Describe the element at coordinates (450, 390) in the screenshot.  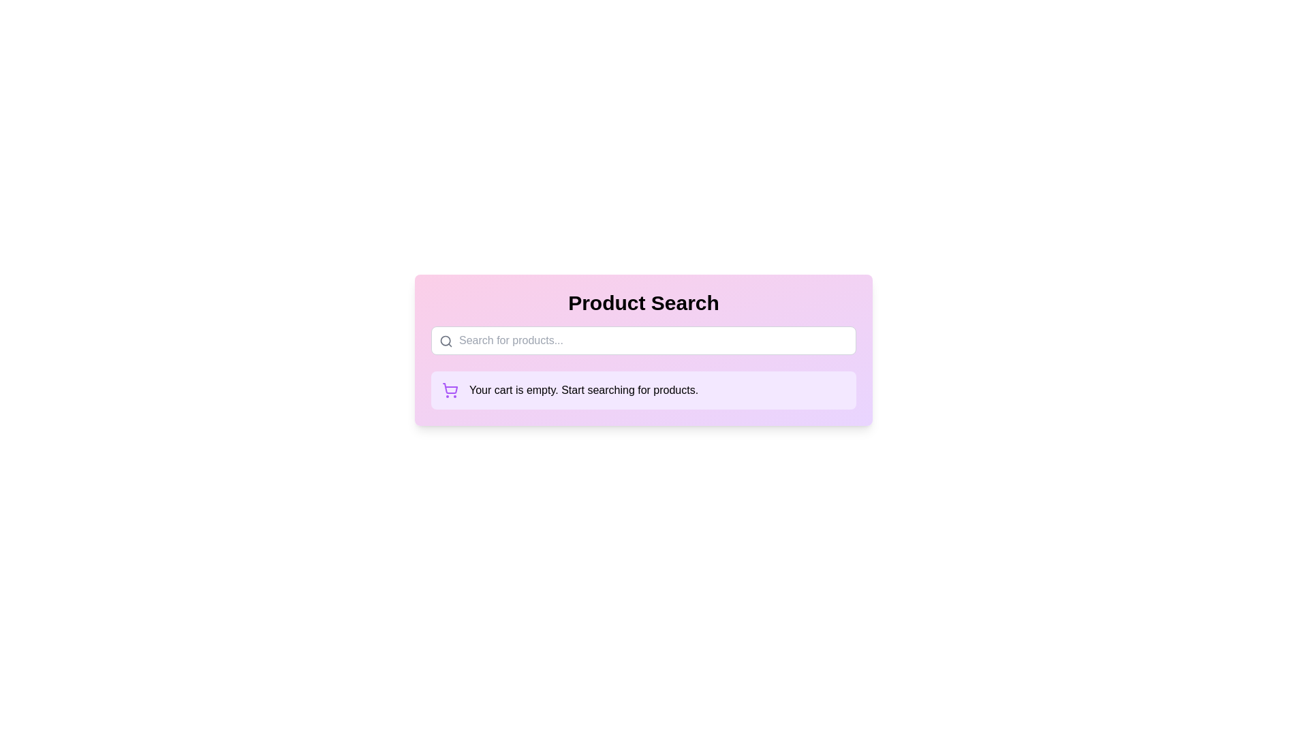
I see `the purple shopping cart icon located to the left of the text 'Your cart is empty. Start searching for products.'` at that location.